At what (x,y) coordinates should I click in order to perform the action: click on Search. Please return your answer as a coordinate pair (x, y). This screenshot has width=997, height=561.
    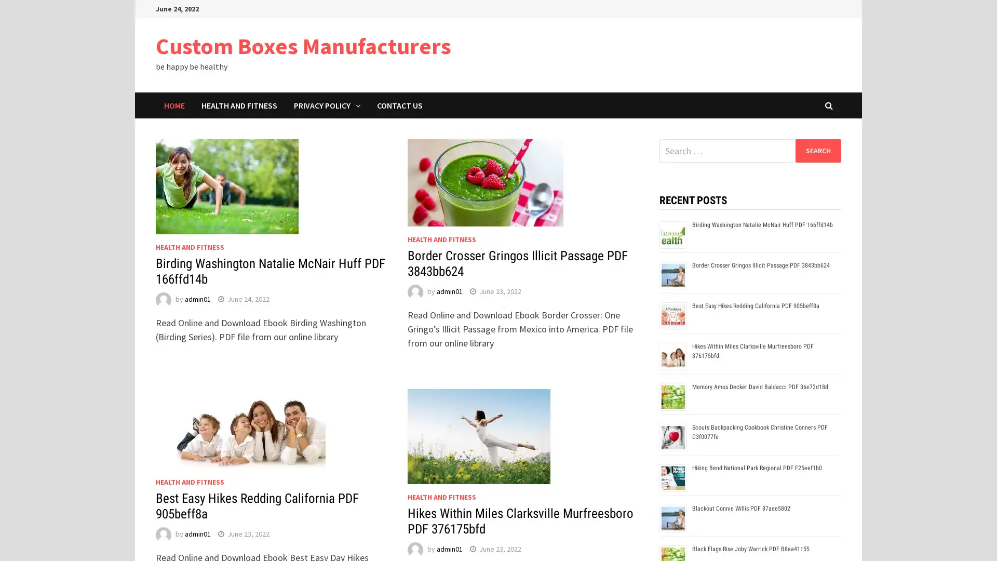
    Looking at the image, I should click on (817, 150).